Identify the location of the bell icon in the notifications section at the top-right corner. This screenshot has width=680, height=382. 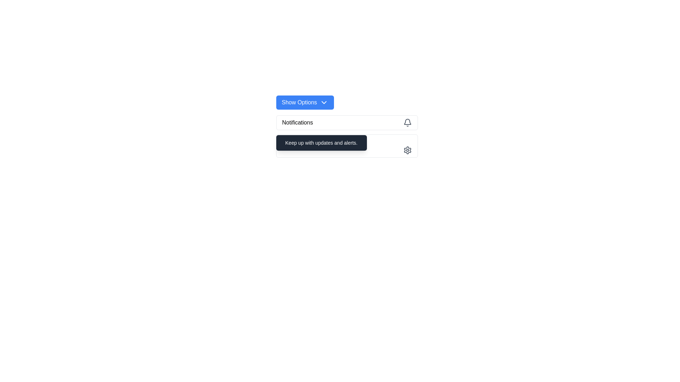
(407, 122).